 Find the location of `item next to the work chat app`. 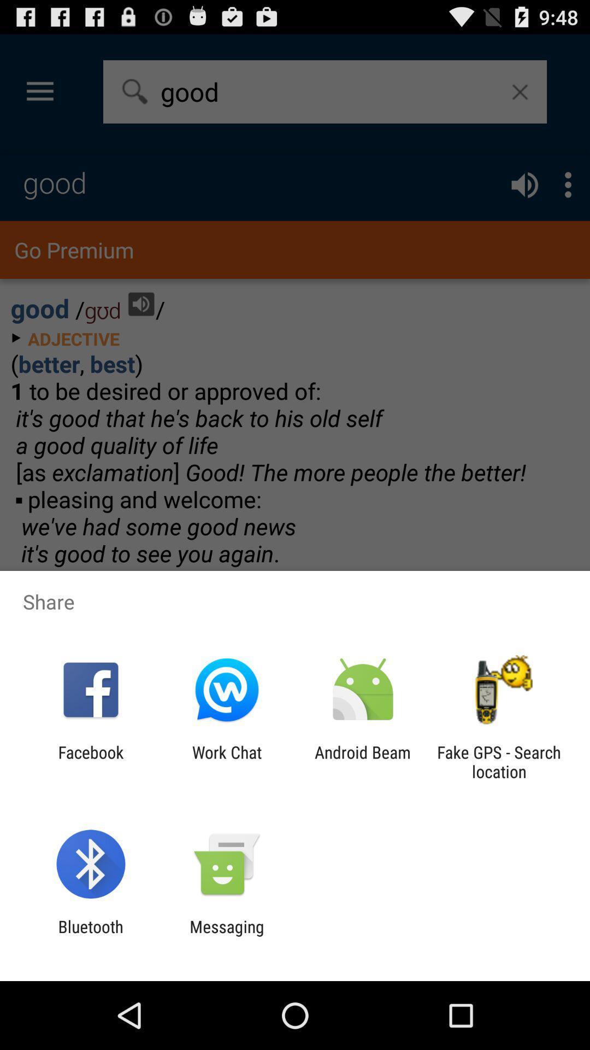

item next to the work chat app is located at coordinates (90, 761).